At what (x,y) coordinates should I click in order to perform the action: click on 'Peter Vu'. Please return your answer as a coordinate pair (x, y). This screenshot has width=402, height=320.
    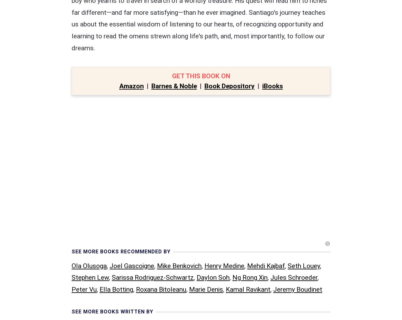
    Looking at the image, I should click on (84, 159).